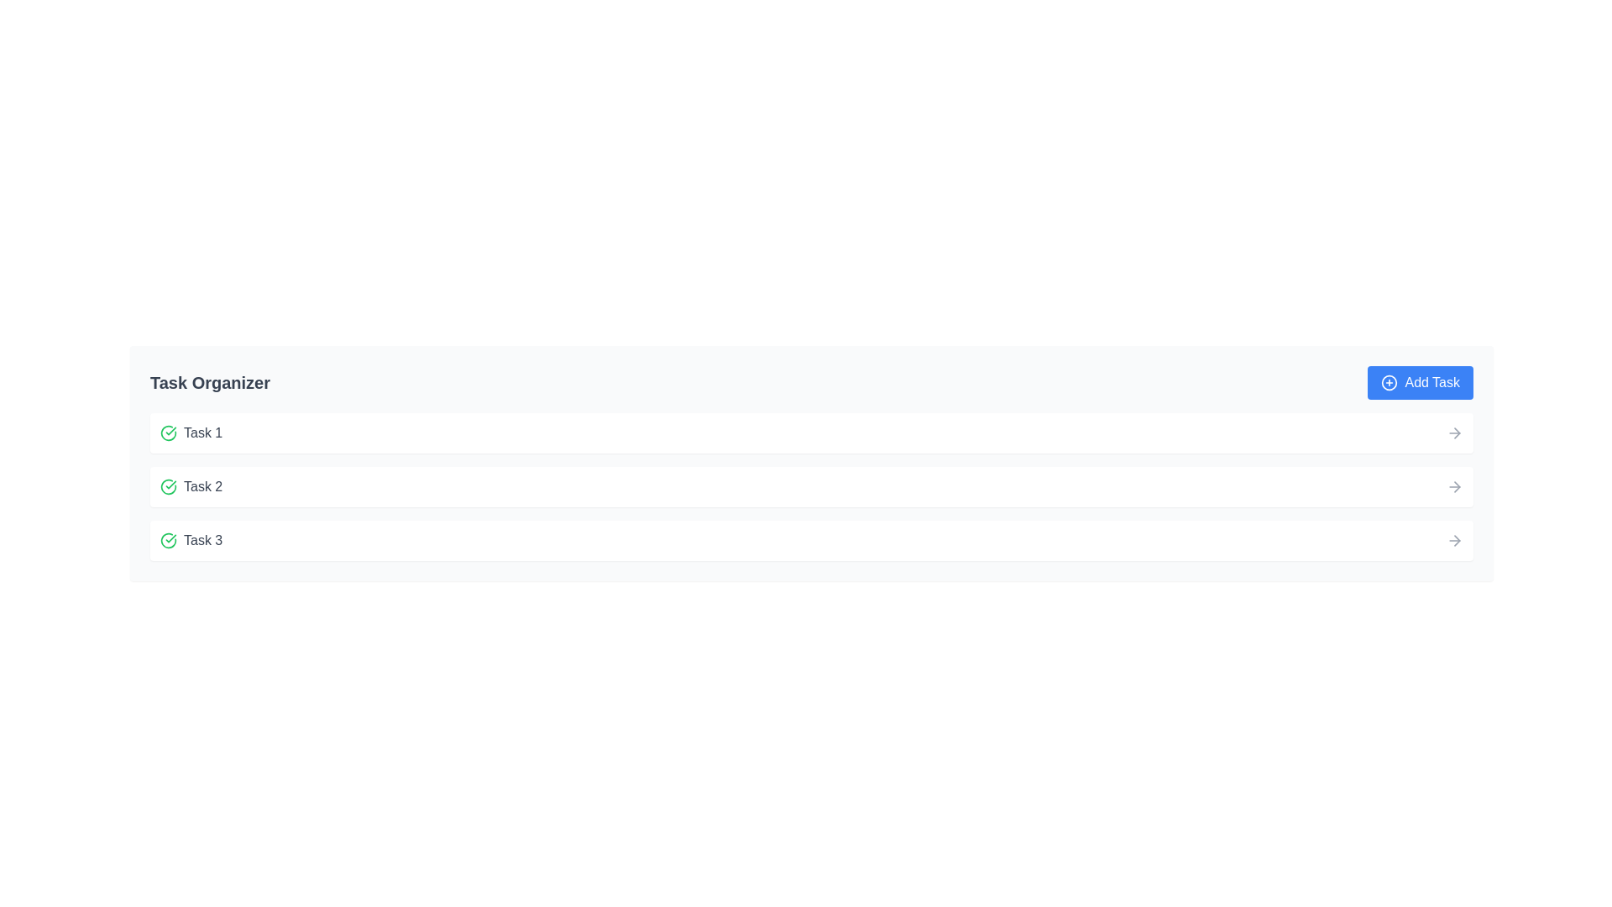  Describe the element at coordinates (1453, 541) in the screenshot. I see `the Icon (Arrow) located at the far-right side of the 'Task 3' row, adjacent to the text 'Task 3' and to the right of the green check icon` at that location.